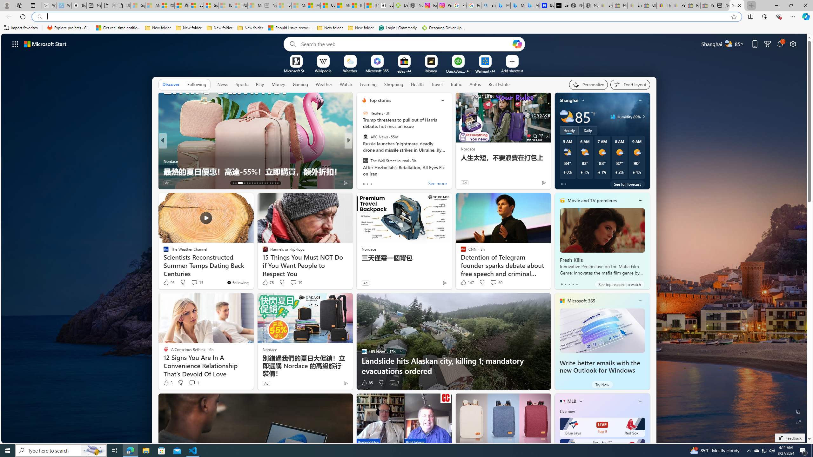 The image size is (813, 457). What do you see at coordinates (15, 43) in the screenshot?
I see `'AutomationID: waffle'` at bounding box center [15, 43].